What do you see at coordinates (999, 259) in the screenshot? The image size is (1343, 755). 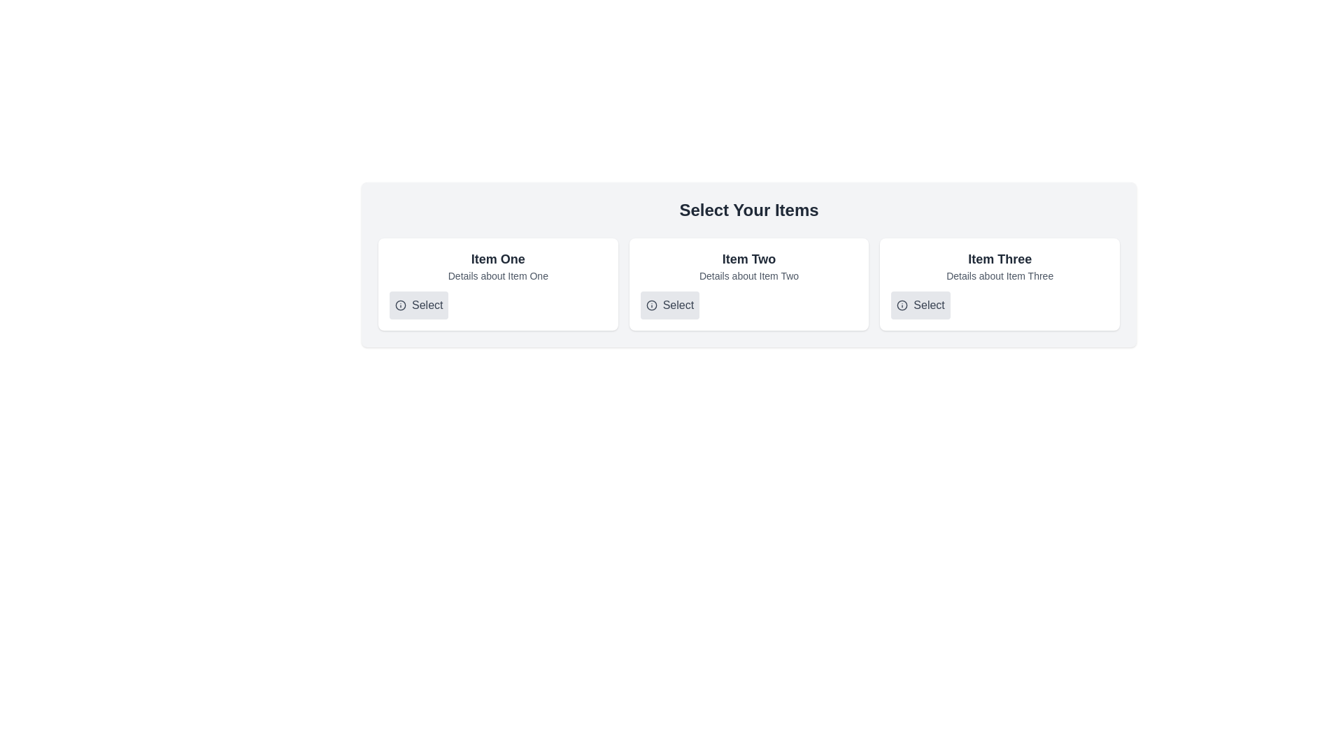 I see `the title text label 'Item Three' that serves as the main title of the card, positioned at the top of the card's content area` at bounding box center [999, 259].